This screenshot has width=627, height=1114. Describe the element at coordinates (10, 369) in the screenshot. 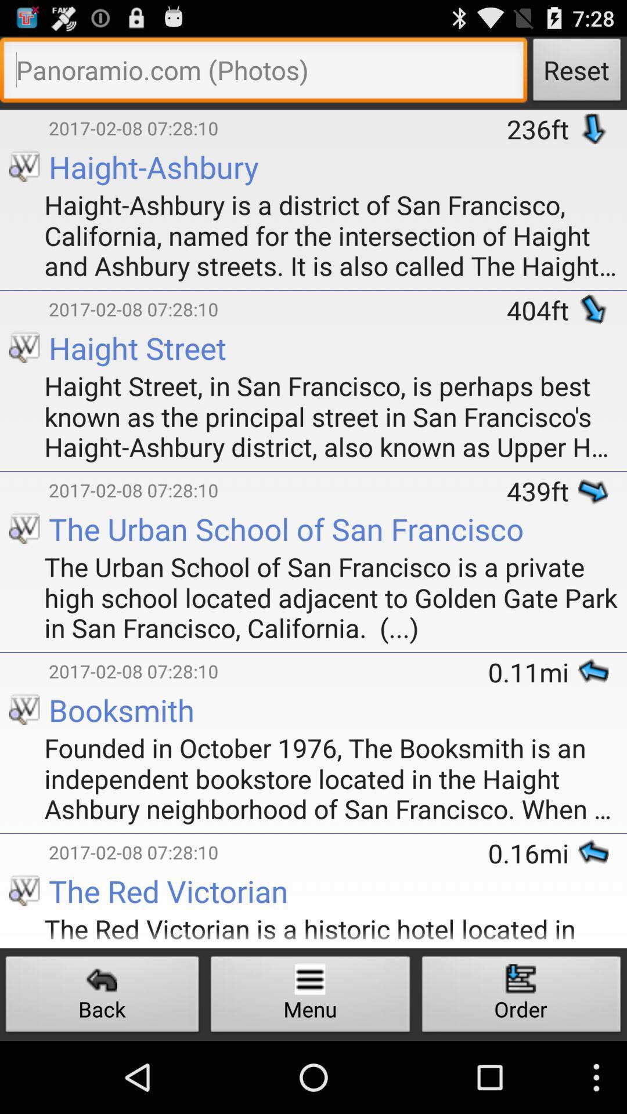

I see `the app to the left of haight street in app` at that location.